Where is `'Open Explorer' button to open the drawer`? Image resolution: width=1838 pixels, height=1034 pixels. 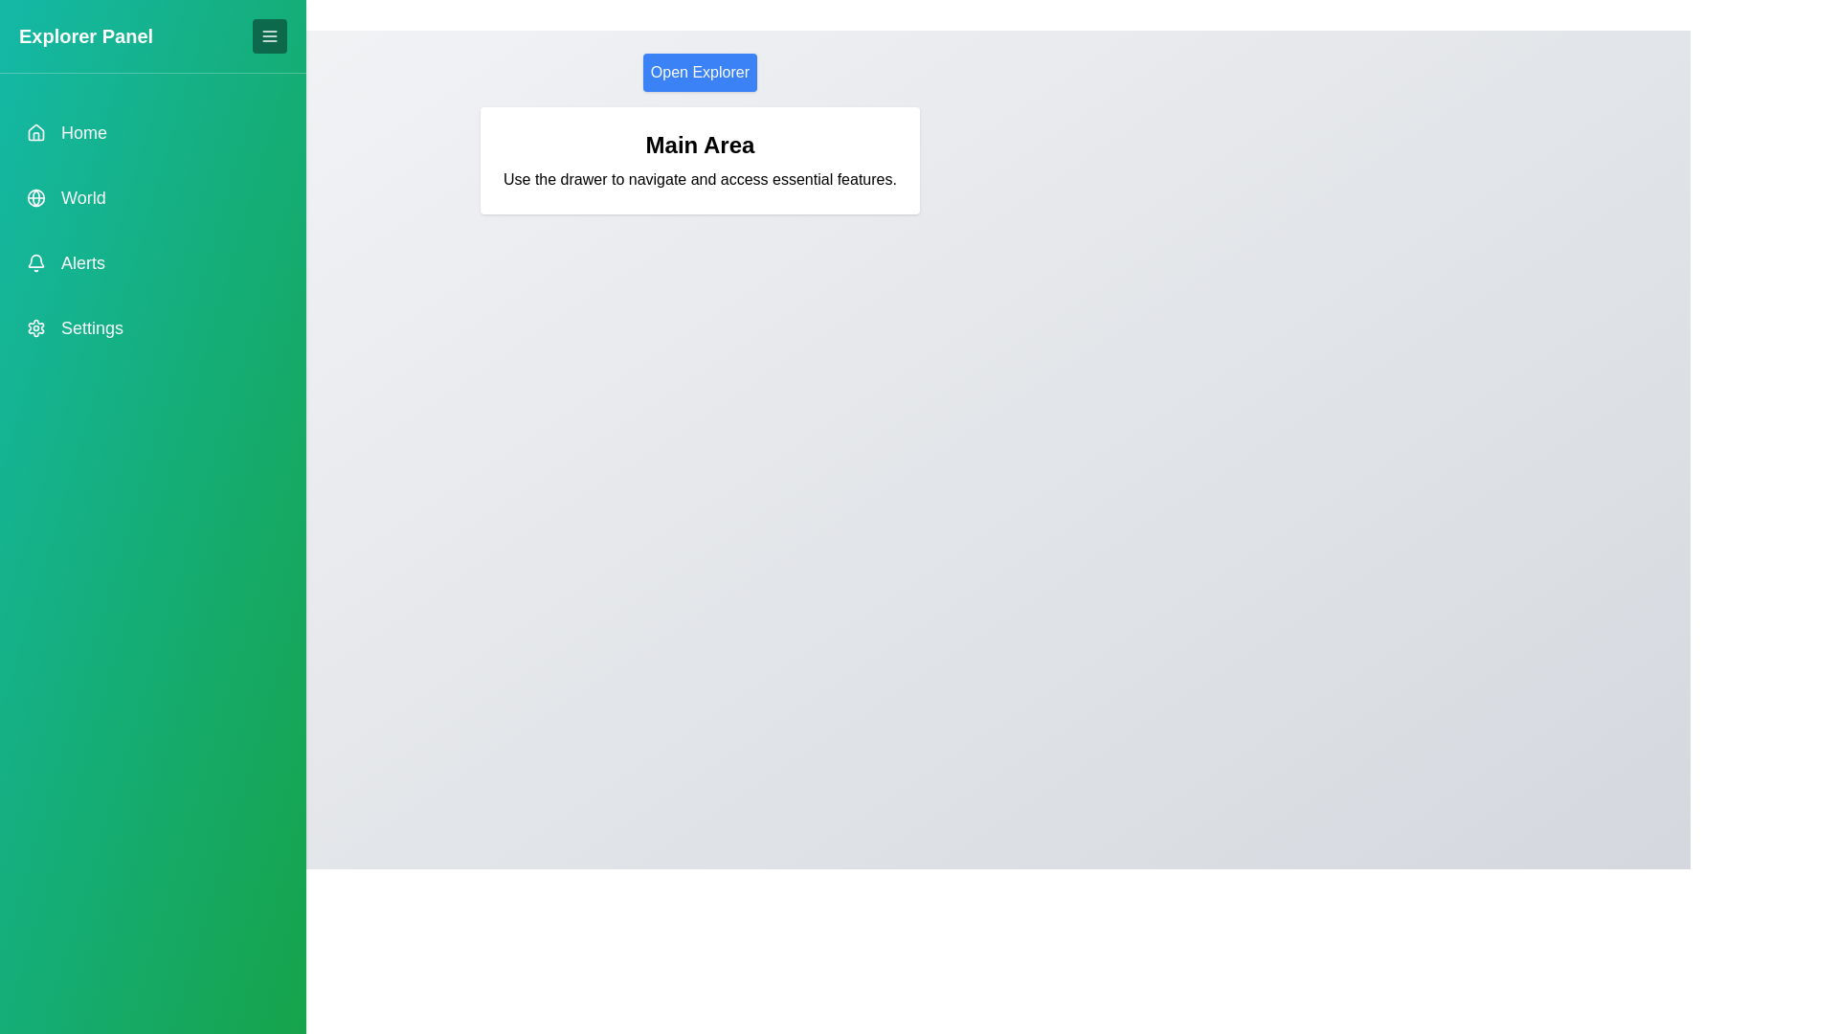
'Open Explorer' button to open the drawer is located at coordinates (698, 72).